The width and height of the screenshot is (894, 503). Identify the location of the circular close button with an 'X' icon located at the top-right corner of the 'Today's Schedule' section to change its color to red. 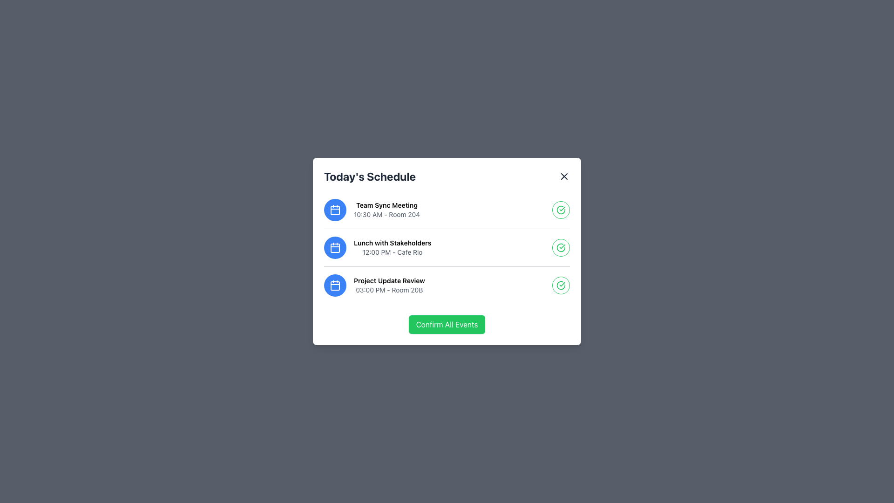
(563, 176).